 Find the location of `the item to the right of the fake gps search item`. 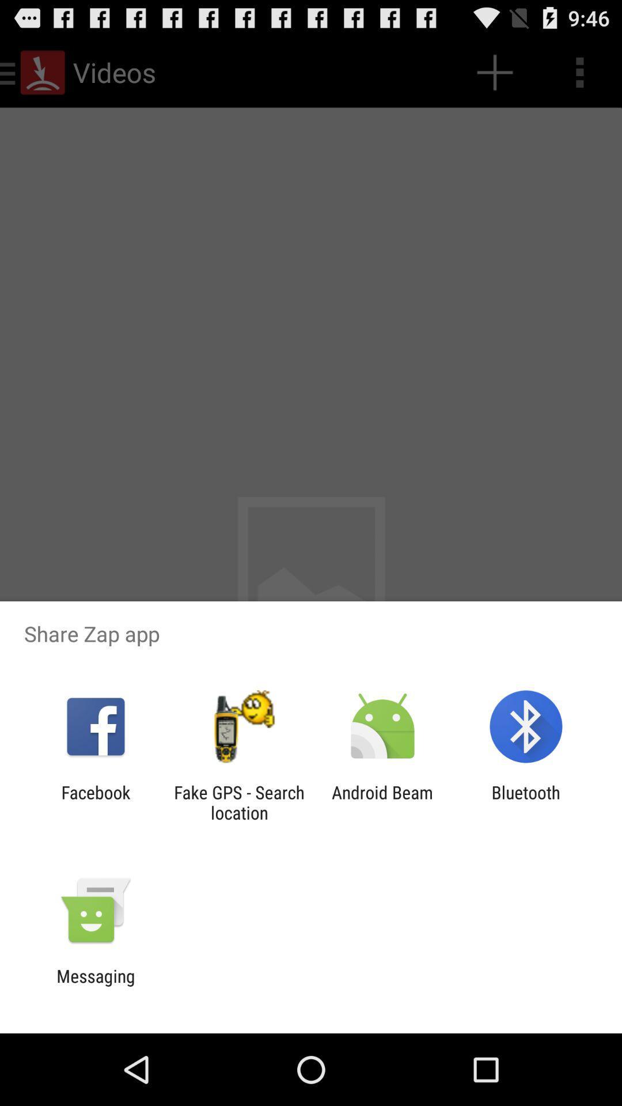

the item to the right of the fake gps search item is located at coordinates (382, 802).